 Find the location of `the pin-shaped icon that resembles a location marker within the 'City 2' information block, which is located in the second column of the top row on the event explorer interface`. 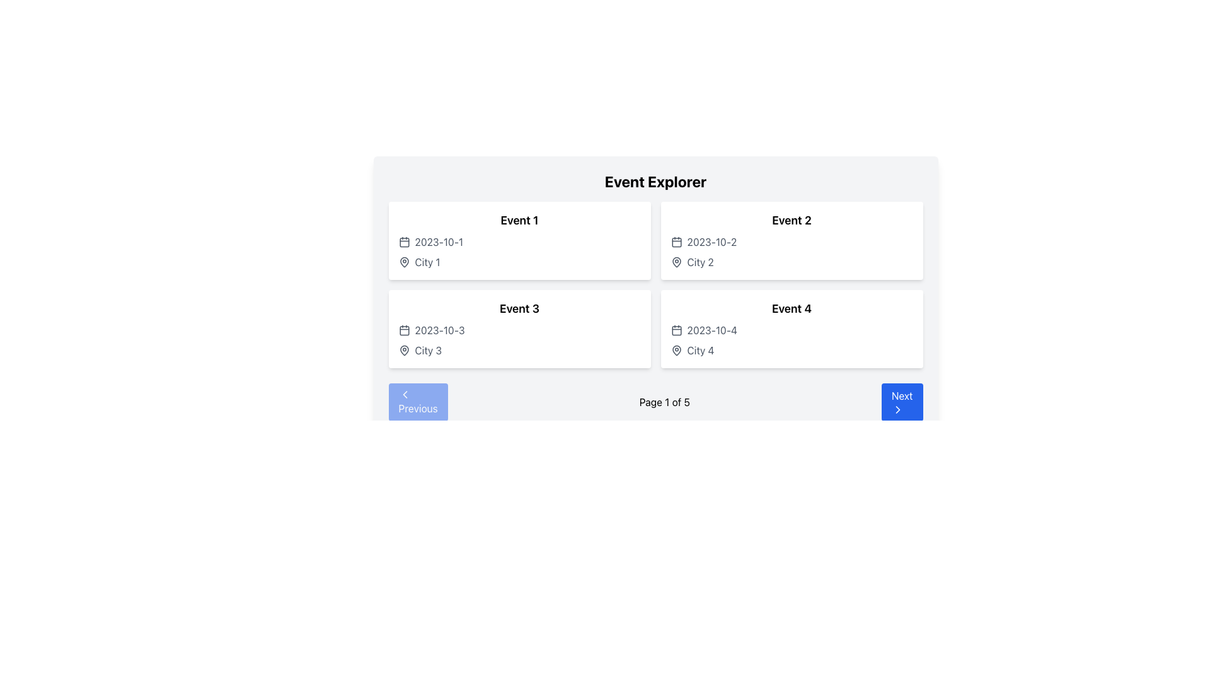

the pin-shaped icon that resembles a location marker within the 'City 2' information block, which is located in the second column of the top row on the event explorer interface is located at coordinates (676, 262).